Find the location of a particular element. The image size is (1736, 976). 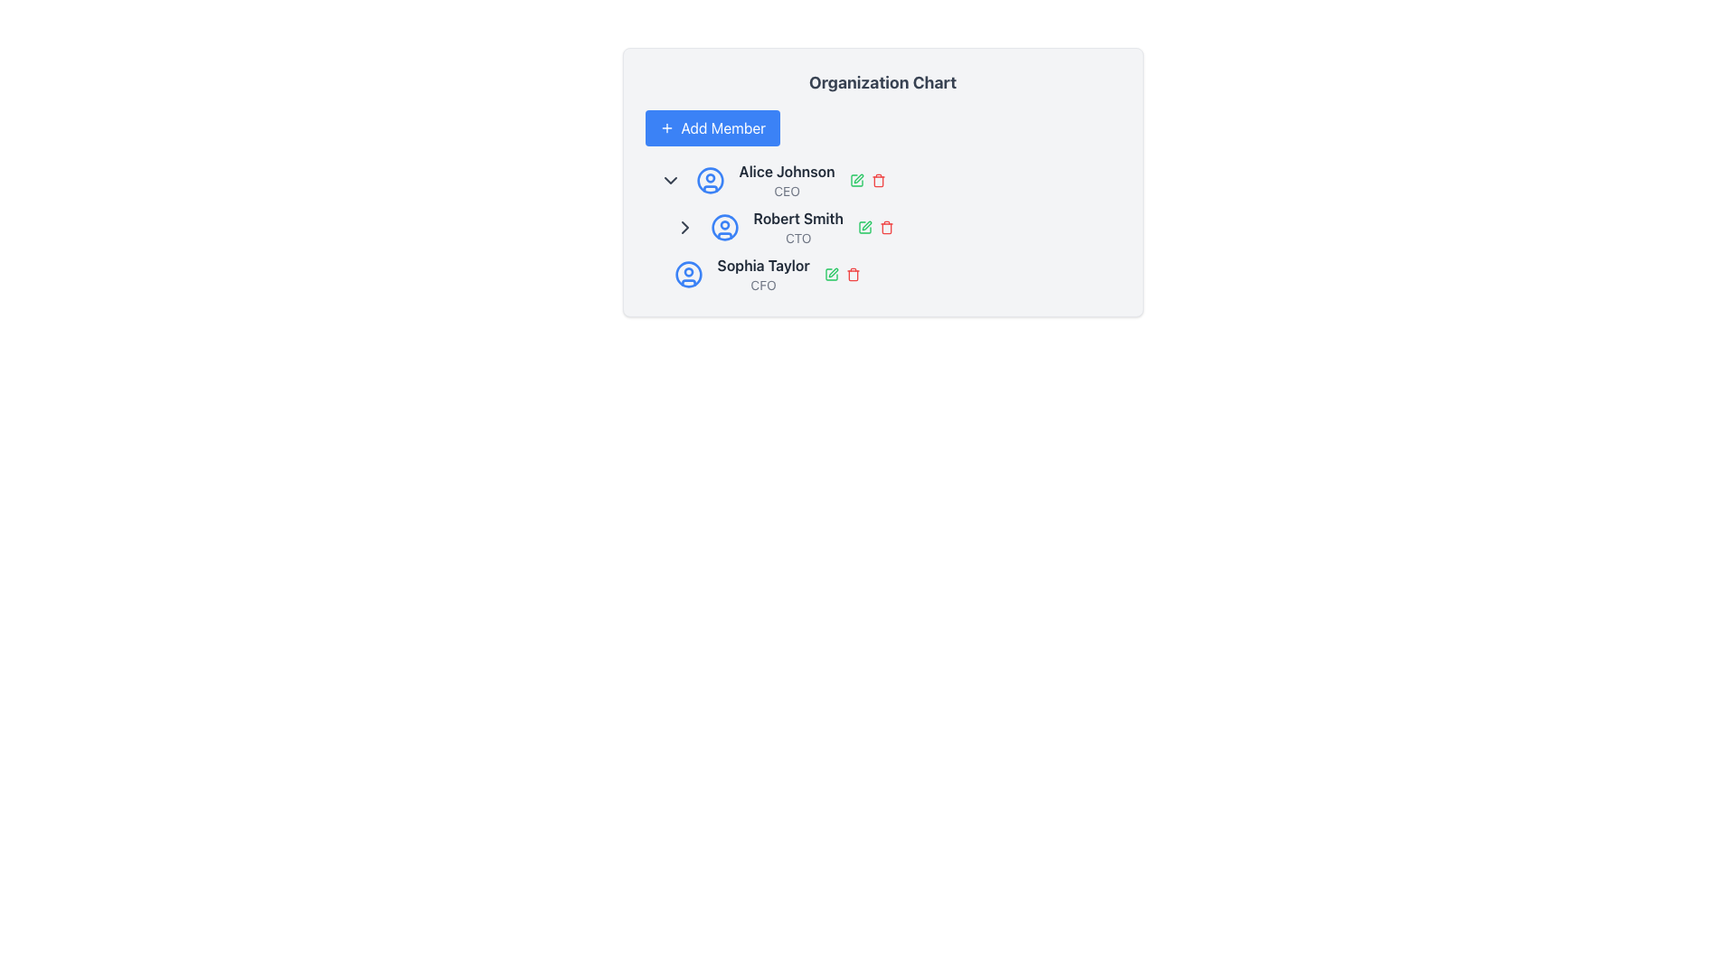

the circular icon outline representing the active profile of 'Sophia Taylor CFO' in the Organization Chart list is located at coordinates (687, 275).